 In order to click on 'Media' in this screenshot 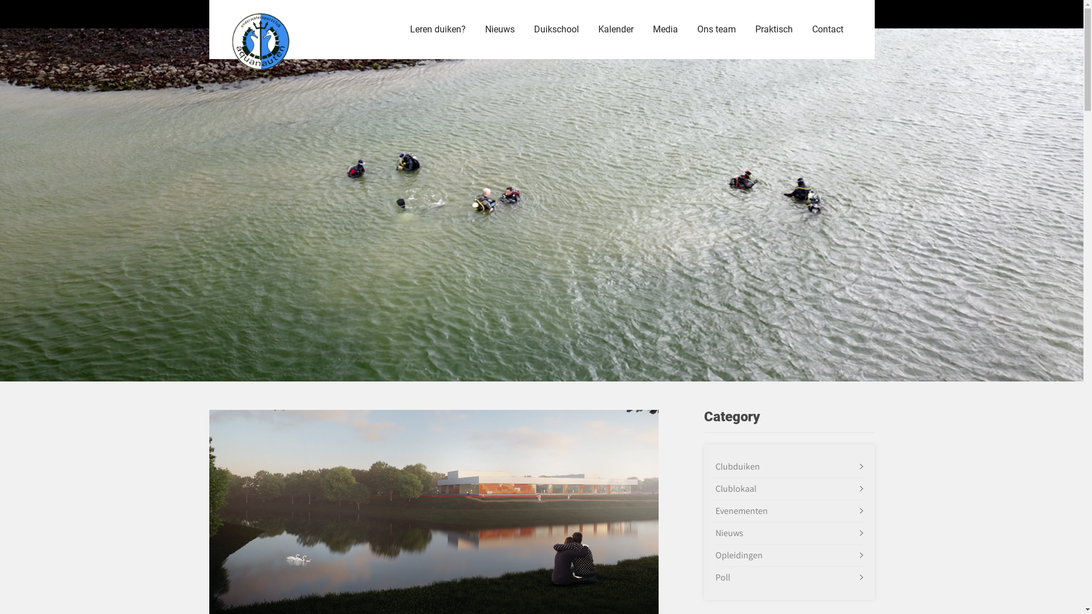, I will do `click(644, 28)`.